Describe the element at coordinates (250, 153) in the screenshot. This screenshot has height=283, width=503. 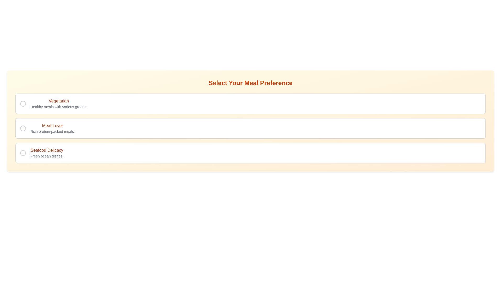
I see `the selectable card titled 'Seafood Delicacy' with a white background and an orange font, located as the third item in a vertical list` at that location.